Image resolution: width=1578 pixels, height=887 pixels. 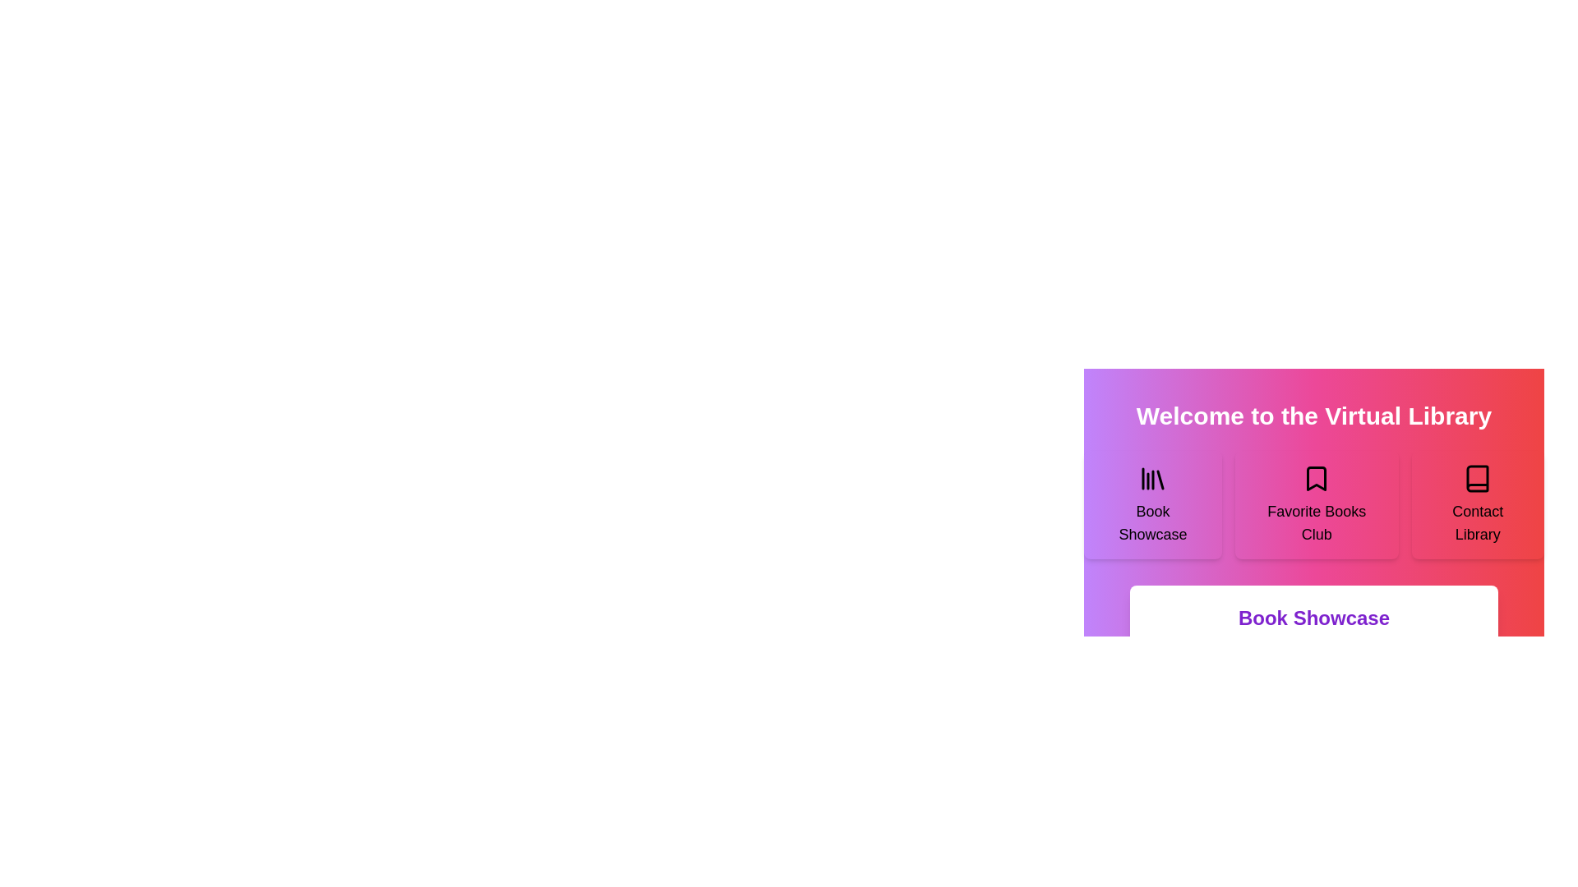 I want to click on the title text 'Welcome to the Virtual Library', so click(x=1135, y=402).